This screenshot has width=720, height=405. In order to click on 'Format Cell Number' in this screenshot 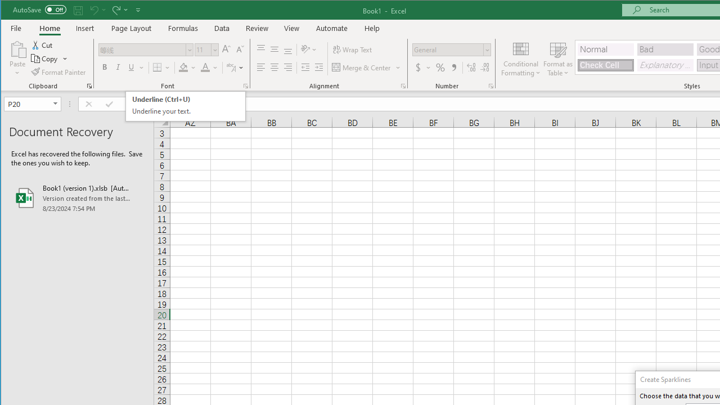, I will do `click(490, 85)`.